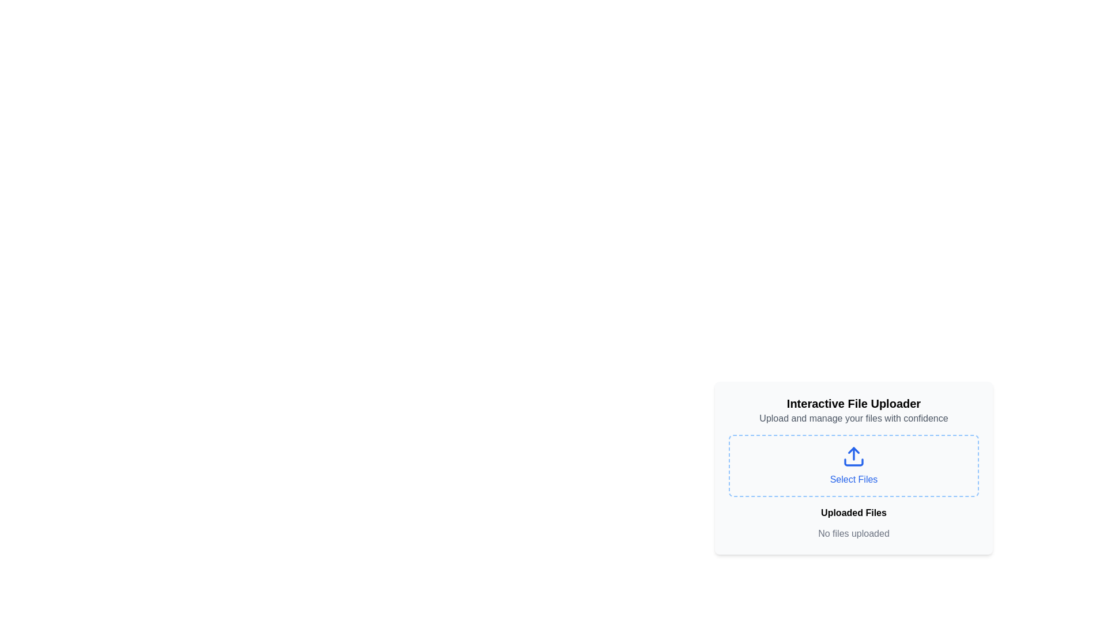 Image resolution: width=1107 pixels, height=622 pixels. Describe the element at coordinates (854, 465) in the screenshot. I see `the 'Select Files' button, which is a rectangular button with a dashed blue border and rounded outline, featuring an upload icon and located below the header 'Interactive File Uploader'` at that location.